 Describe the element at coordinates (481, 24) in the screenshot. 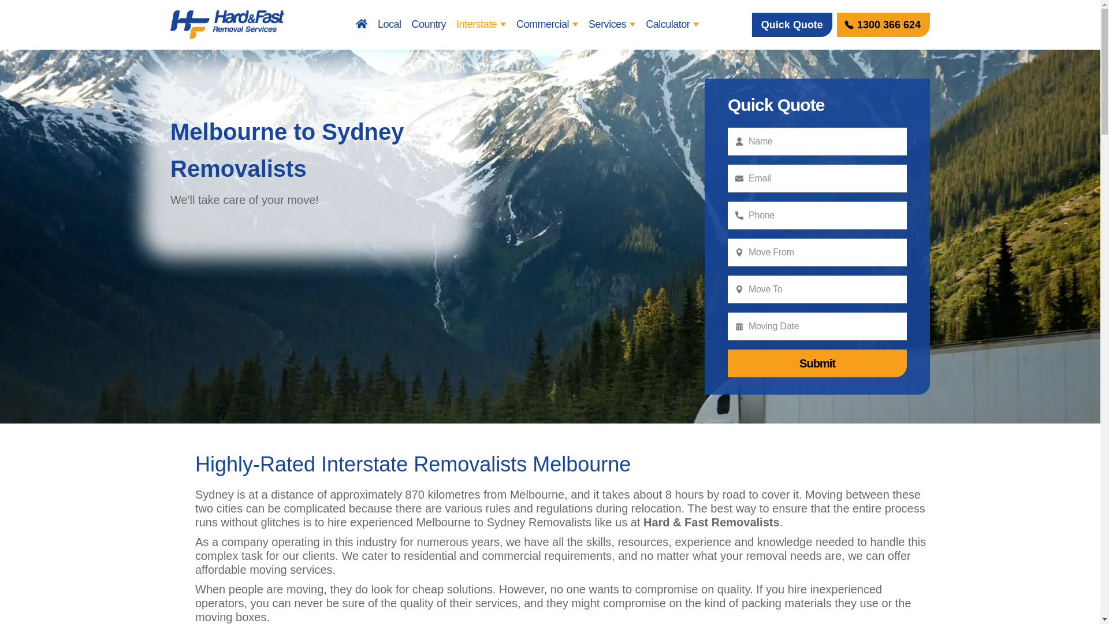

I see `'Interstate'` at that location.